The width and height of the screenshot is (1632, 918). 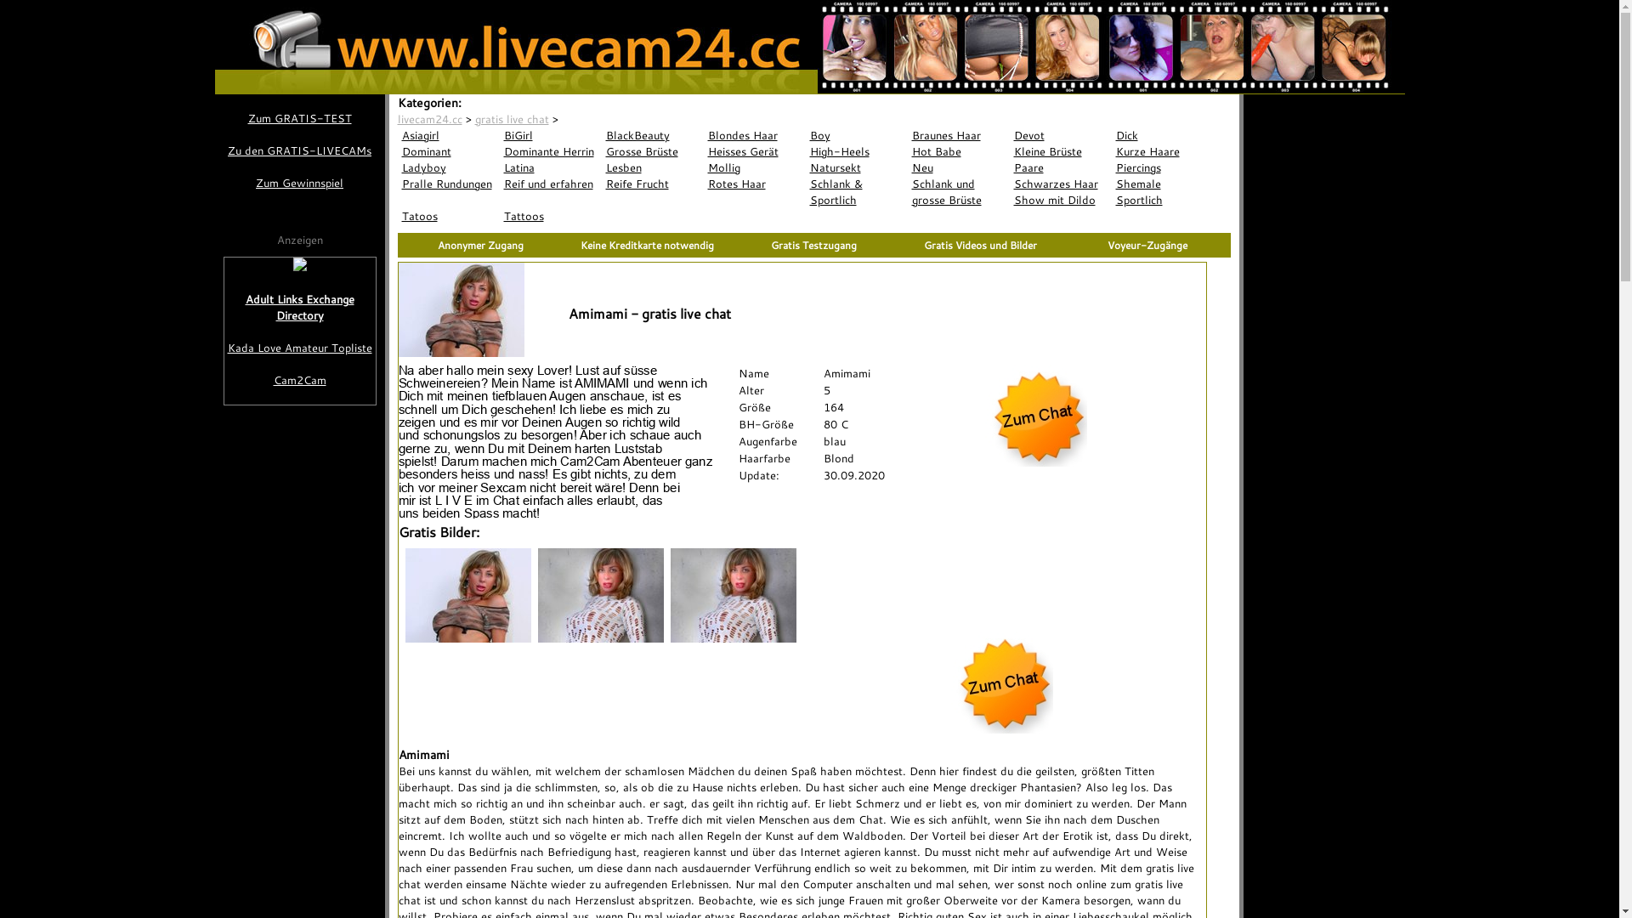 What do you see at coordinates (857, 167) in the screenshot?
I see `'Natursekt'` at bounding box center [857, 167].